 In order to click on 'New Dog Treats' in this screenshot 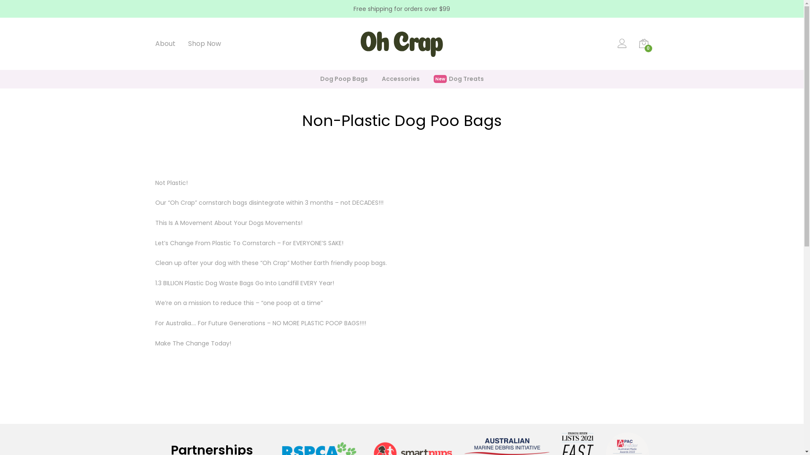, I will do `click(458, 79)`.